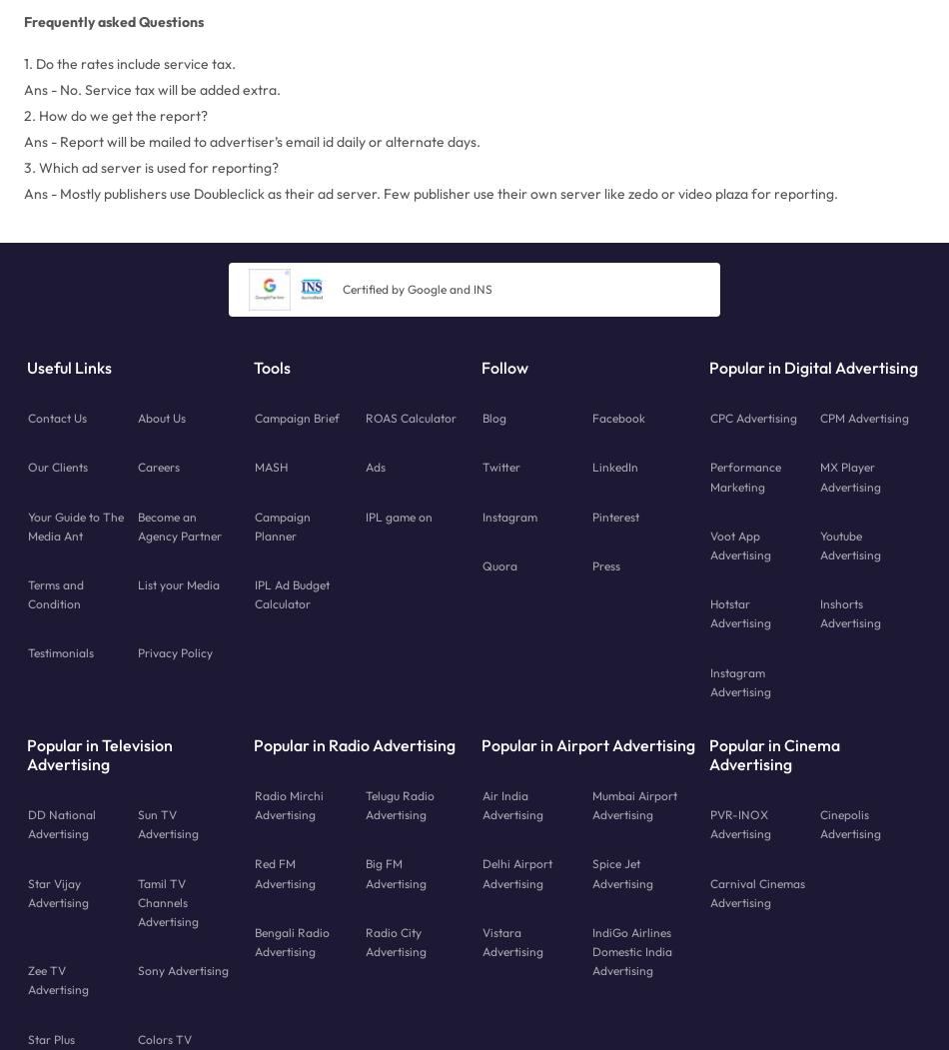  What do you see at coordinates (60, 652) in the screenshot?
I see `'Testimonials'` at bounding box center [60, 652].